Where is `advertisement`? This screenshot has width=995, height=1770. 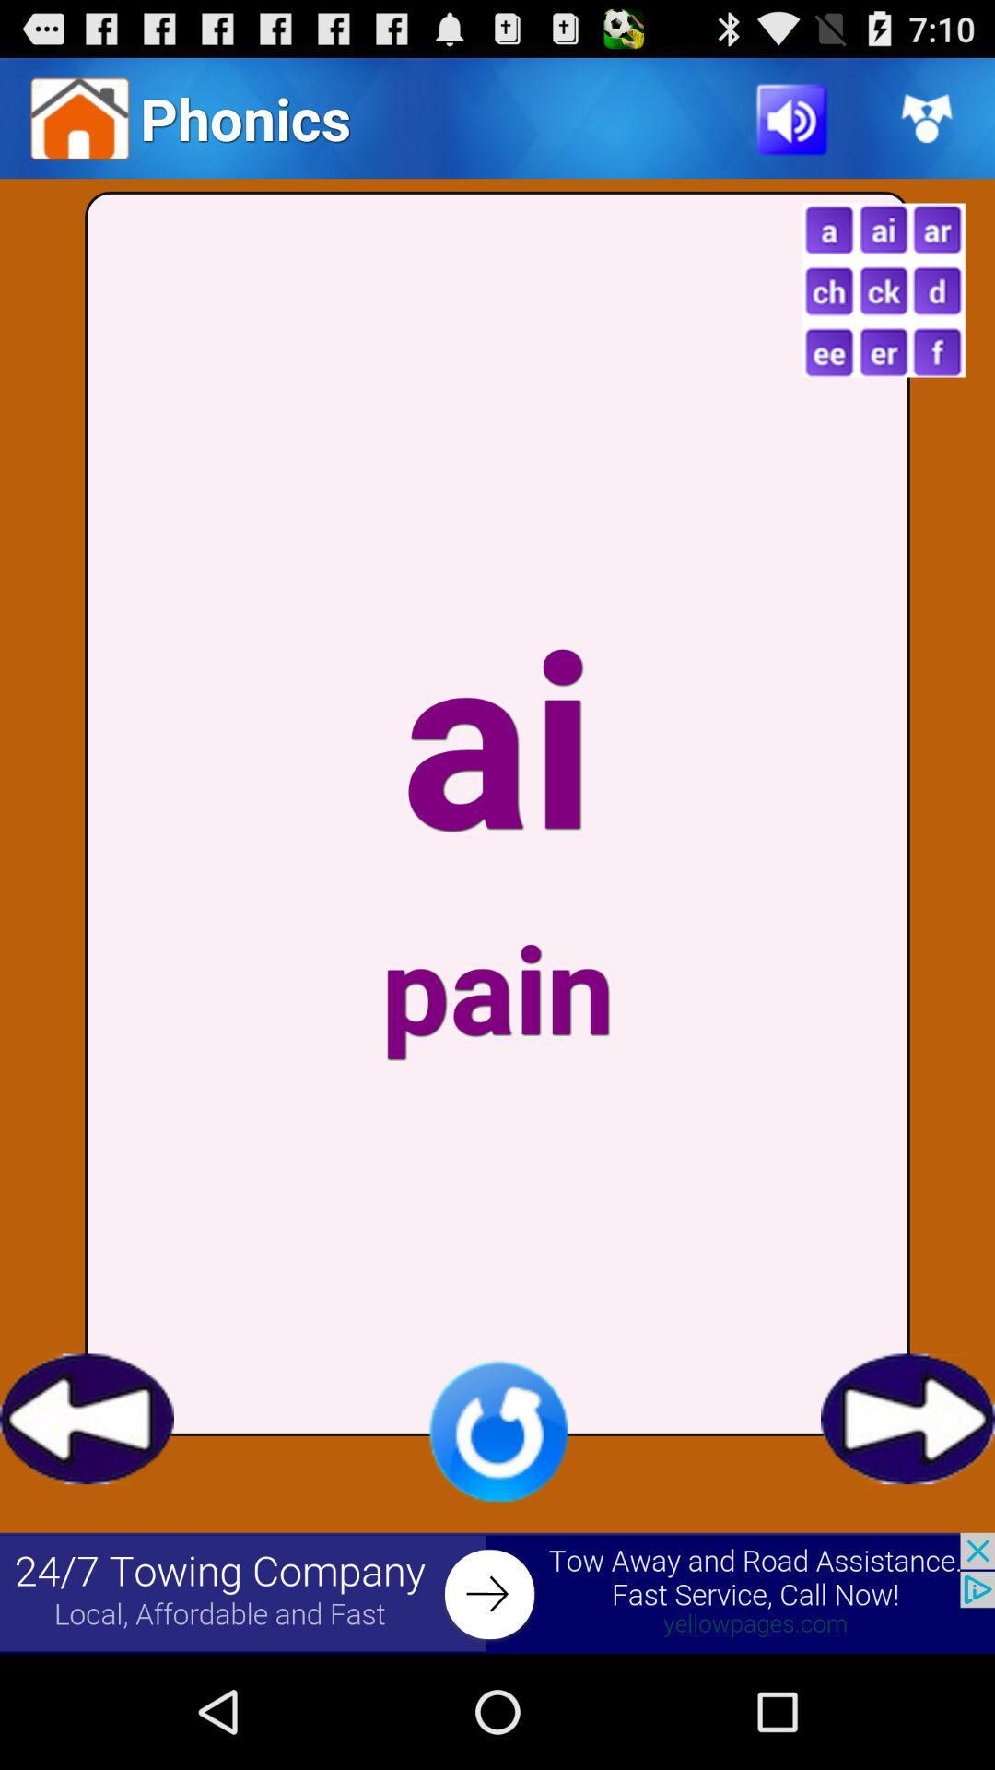 advertisement is located at coordinates (497, 1592).